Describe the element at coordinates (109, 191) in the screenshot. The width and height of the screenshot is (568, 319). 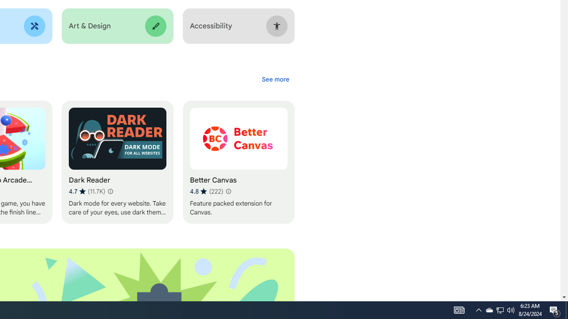
I see `'Learn more about results and reviews "Dark Reader"'` at that location.